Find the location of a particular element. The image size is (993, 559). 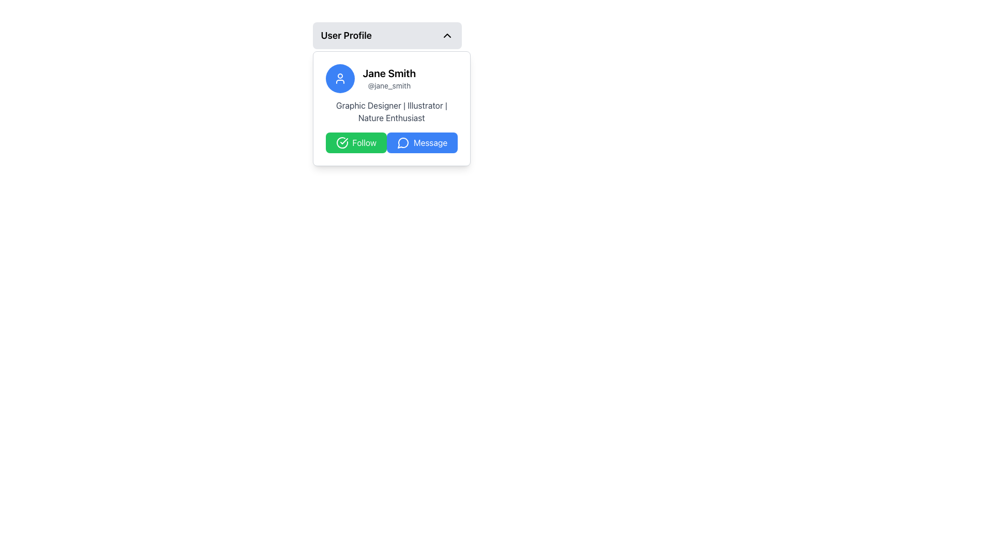

the circular green icon with a checkmark symbol, which is located to the left of the 'Follow' button in the lower half of the user profile card is located at coordinates (342, 143).